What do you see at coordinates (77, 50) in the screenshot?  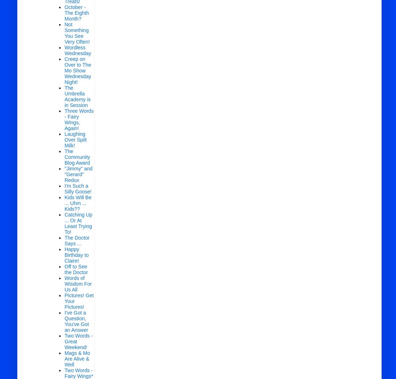 I see `'Wordless Wednesday'` at bounding box center [77, 50].